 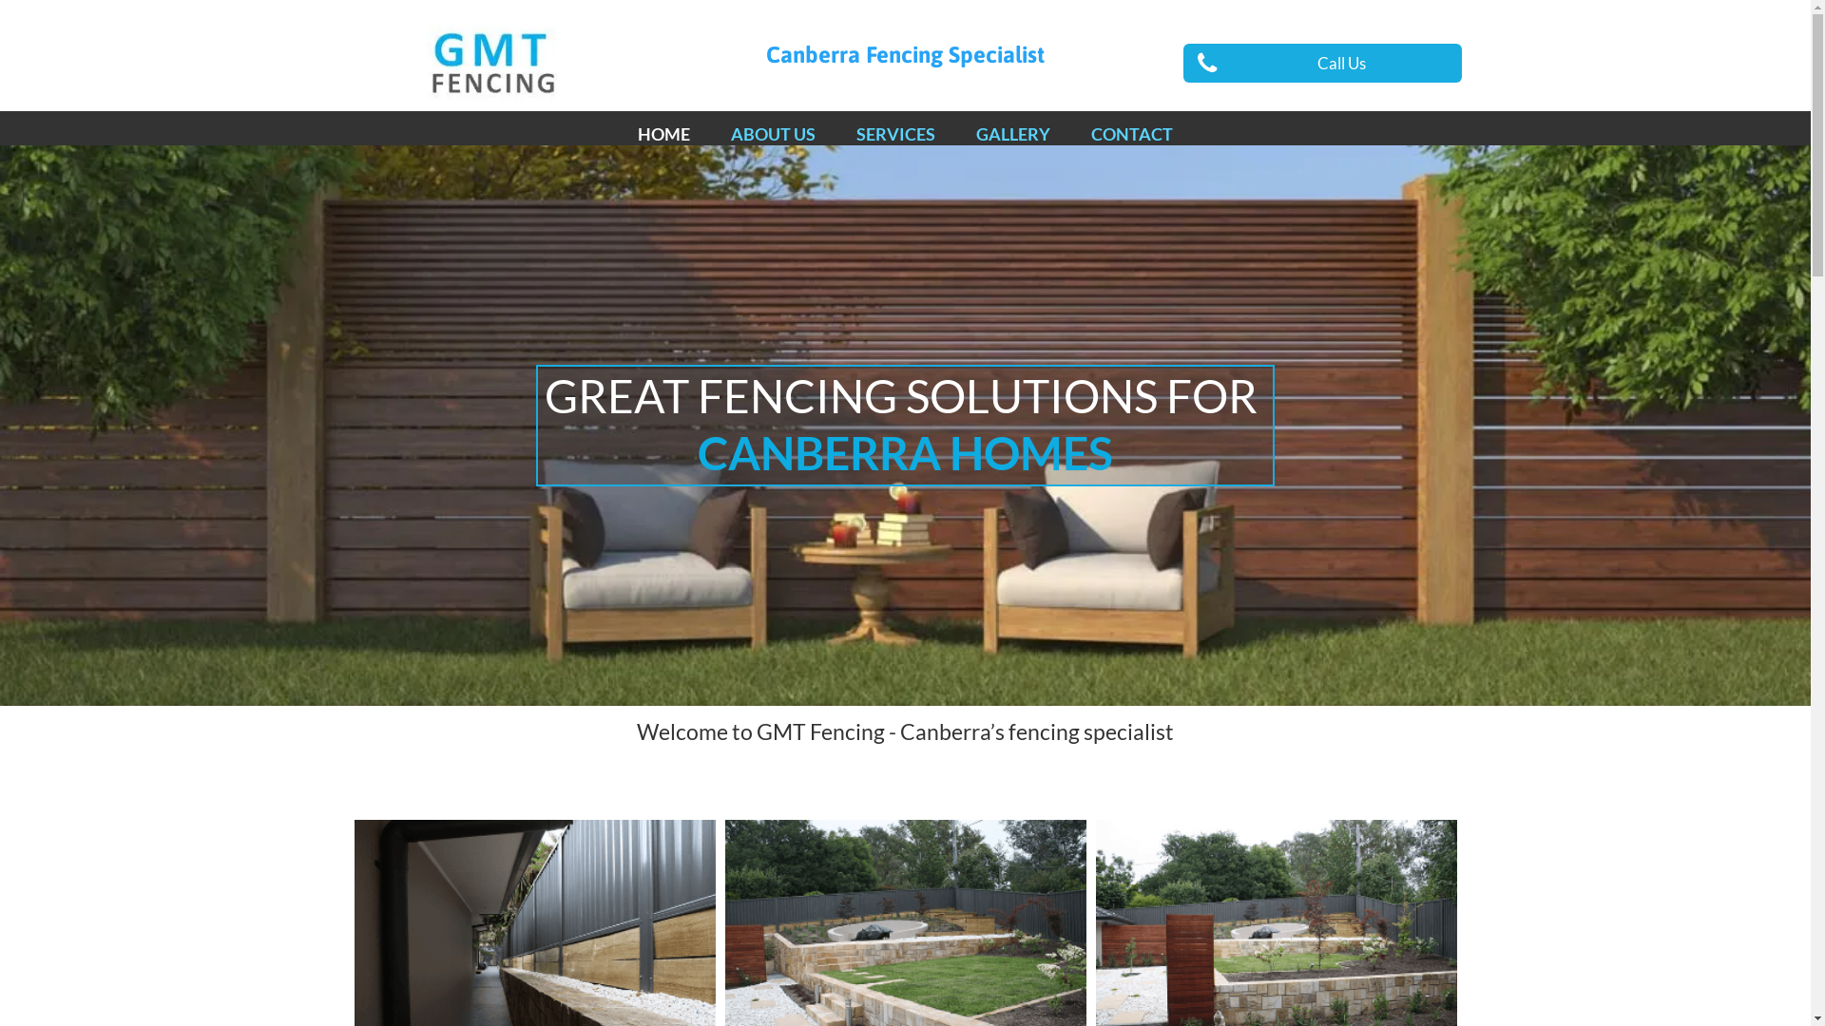 What do you see at coordinates (729, 133) in the screenshot?
I see `'ABOUT US'` at bounding box center [729, 133].